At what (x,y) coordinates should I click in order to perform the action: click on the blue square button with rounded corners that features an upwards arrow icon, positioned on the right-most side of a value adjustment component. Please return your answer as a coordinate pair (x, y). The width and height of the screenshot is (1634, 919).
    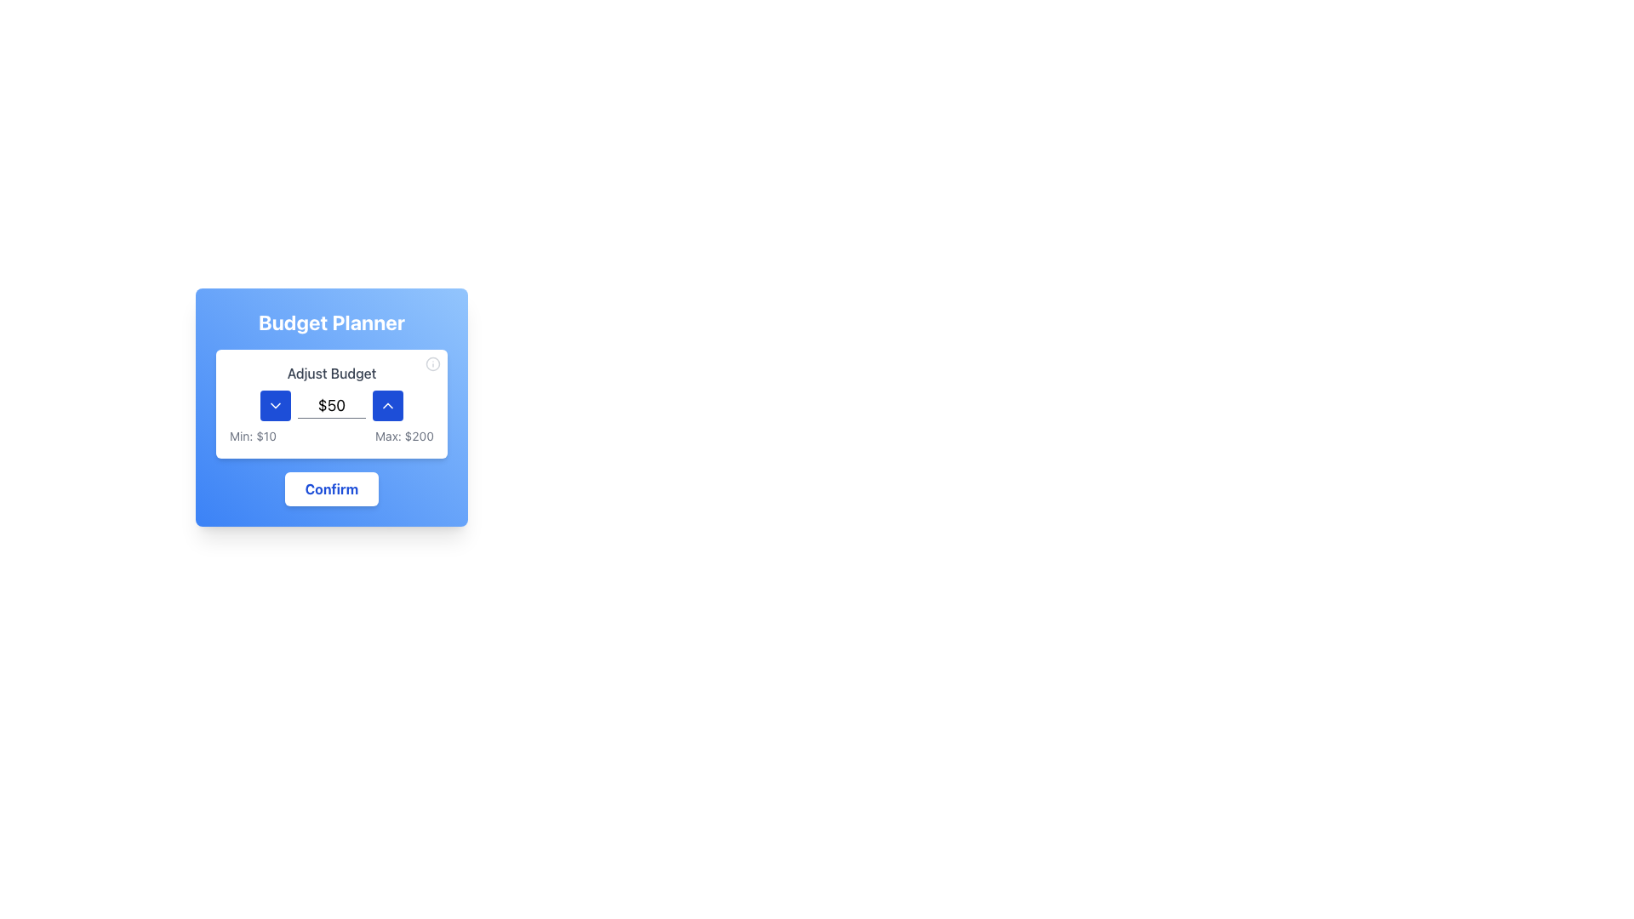
    Looking at the image, I should click on (387, 406).